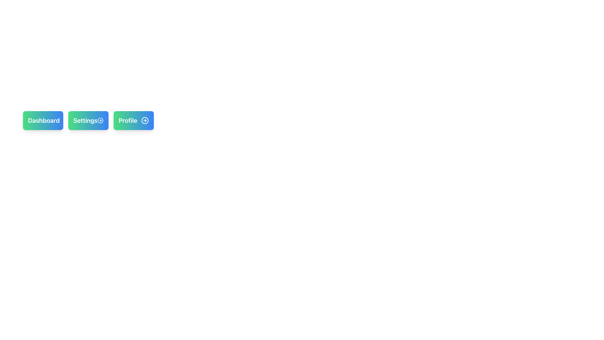 The width and height of the screenshot is (604, 340). I want to click on the decorative boundary circle of the 'Profile' button, which is the outermost circle of the icon located on the rightmost side among the buttons 'Dashboard', 'Settings', and 'Profile', so click(144, 120).